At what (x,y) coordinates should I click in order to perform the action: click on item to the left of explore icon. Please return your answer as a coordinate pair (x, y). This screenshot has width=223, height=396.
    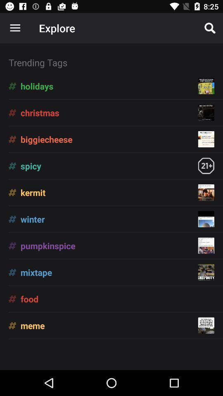
    Looking at the image, I should click on (15, 28).